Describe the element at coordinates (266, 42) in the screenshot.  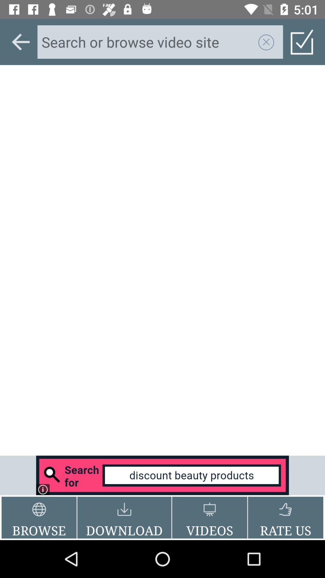
I see `clear search bar` at that location.